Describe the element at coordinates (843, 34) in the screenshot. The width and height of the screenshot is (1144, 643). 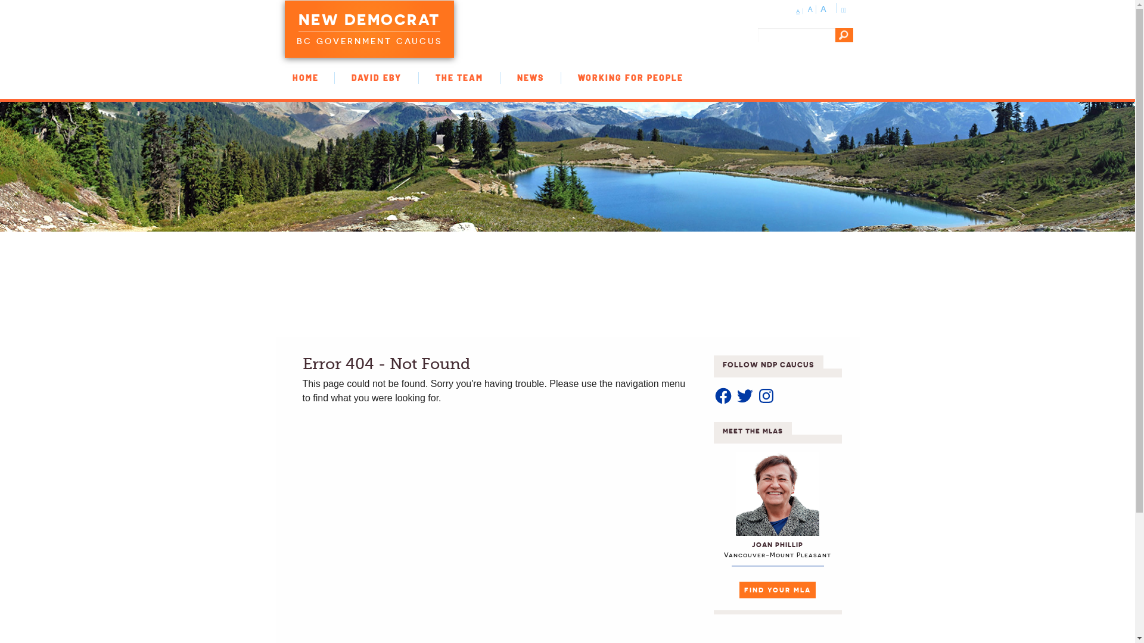
I see `'Go'` at that location.